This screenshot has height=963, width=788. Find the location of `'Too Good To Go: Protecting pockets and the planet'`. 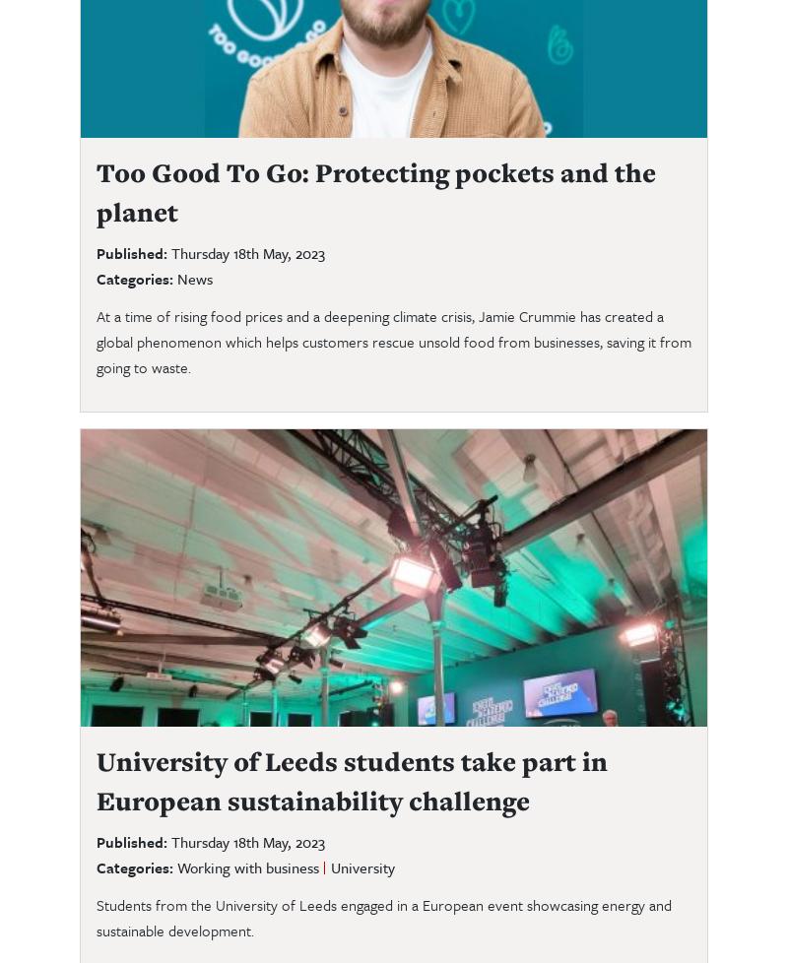

'Too Good To Go: Protecting pockets and the planet' is located at coordinates (97, 191).